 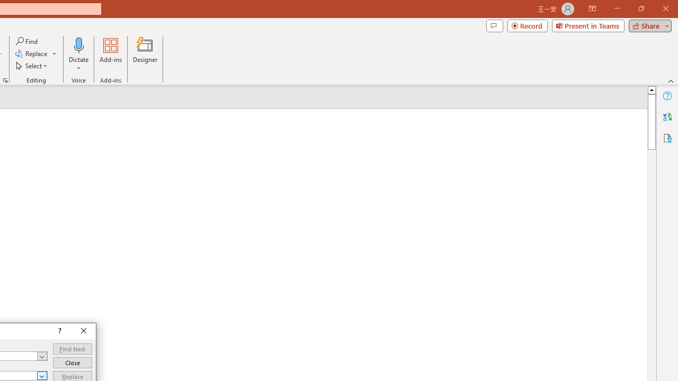 I want to click on 'Dictate', so click(x=78, y=44).